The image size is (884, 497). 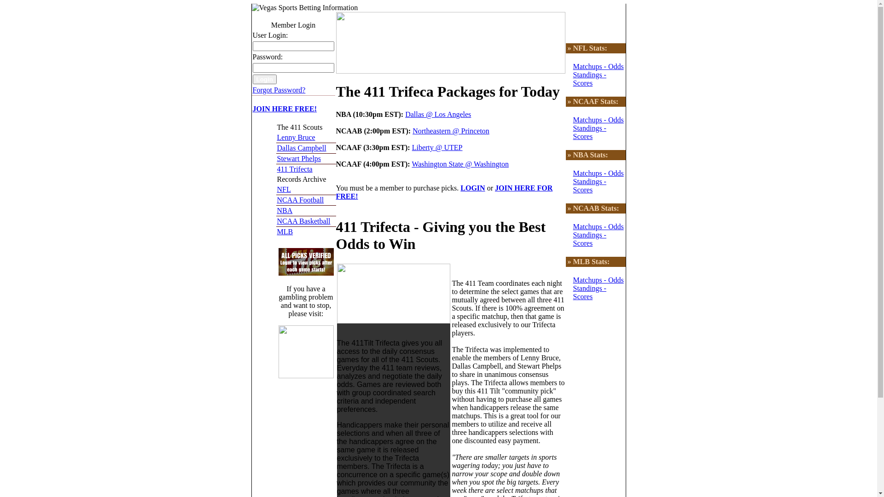 What do you see at coordinates (299, 158) in the screenshot?
I see `'Stewart Phelps'` at bounding box center [299, 158].